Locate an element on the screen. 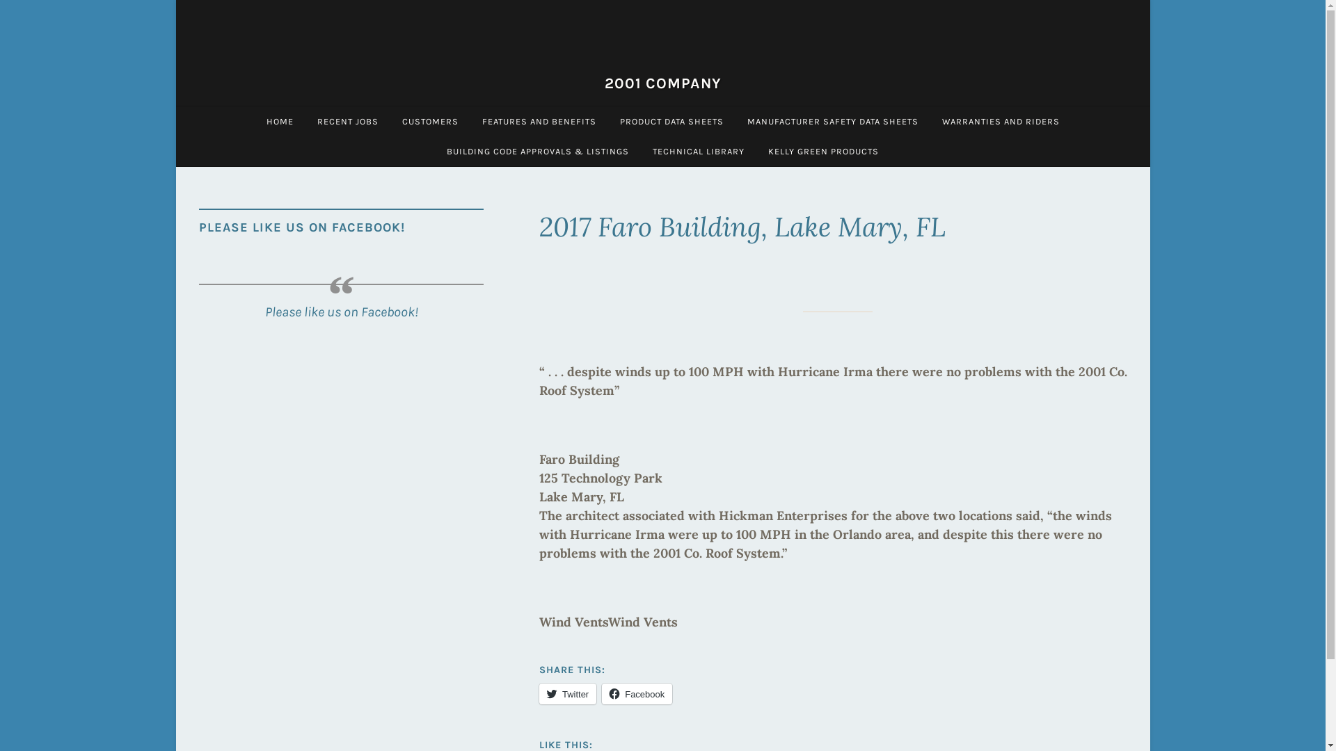 Image resolution: width=1336 pixels, height=751 pixels. 'Twitter' is located at coordinates (568, 694).